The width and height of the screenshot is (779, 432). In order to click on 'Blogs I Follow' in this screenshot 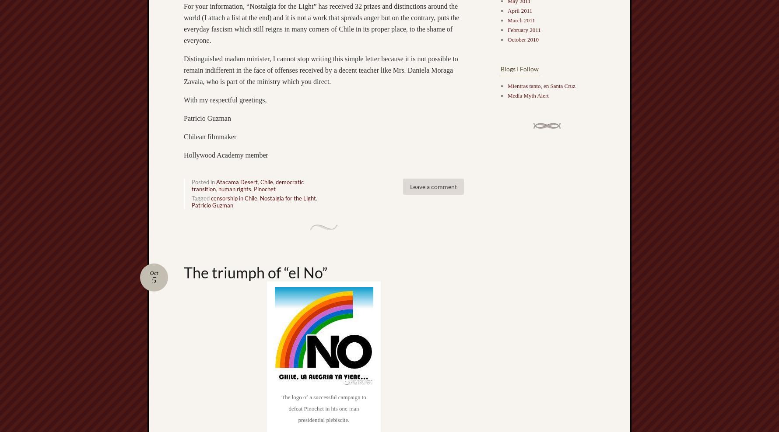, I will do `click(519, 68)`.